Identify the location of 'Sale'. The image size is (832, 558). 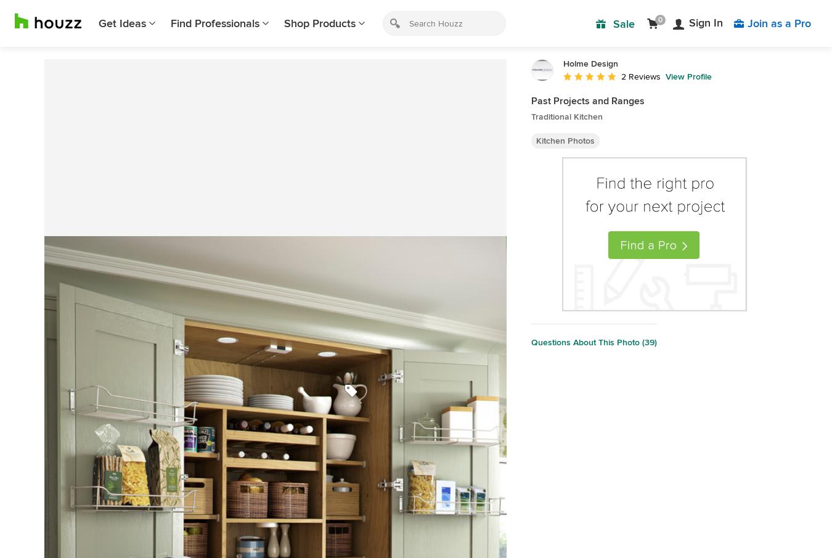
(623, 23).